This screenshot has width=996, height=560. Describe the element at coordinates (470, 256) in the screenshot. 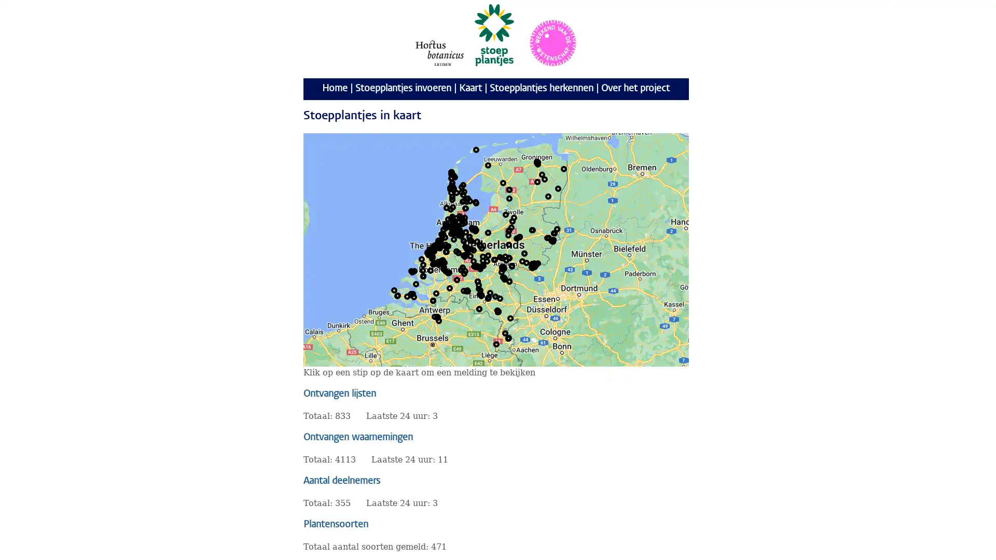

I see `Telling van op 22 mei 2022` at that location.